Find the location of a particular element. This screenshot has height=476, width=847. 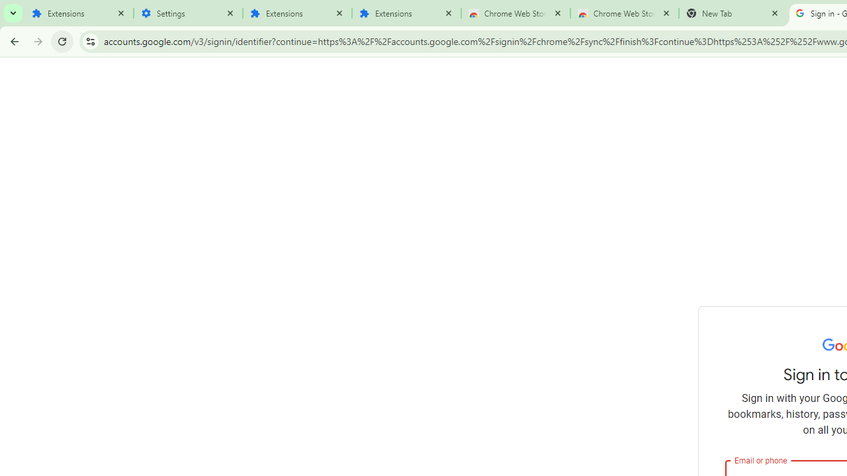

'Back' is located at coordinates (13, 40).